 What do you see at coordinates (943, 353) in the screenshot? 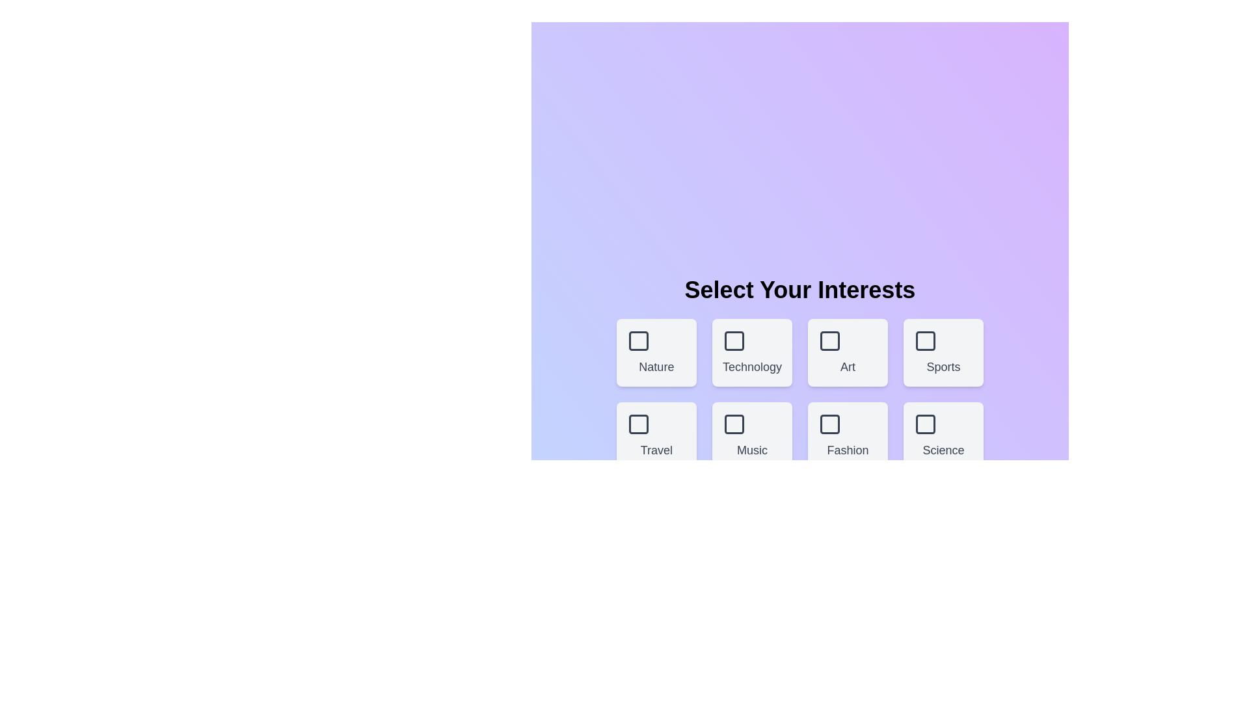
I see `the box corresponding to the theme Sports to select or deselect it` at bounding box center [943, 353].